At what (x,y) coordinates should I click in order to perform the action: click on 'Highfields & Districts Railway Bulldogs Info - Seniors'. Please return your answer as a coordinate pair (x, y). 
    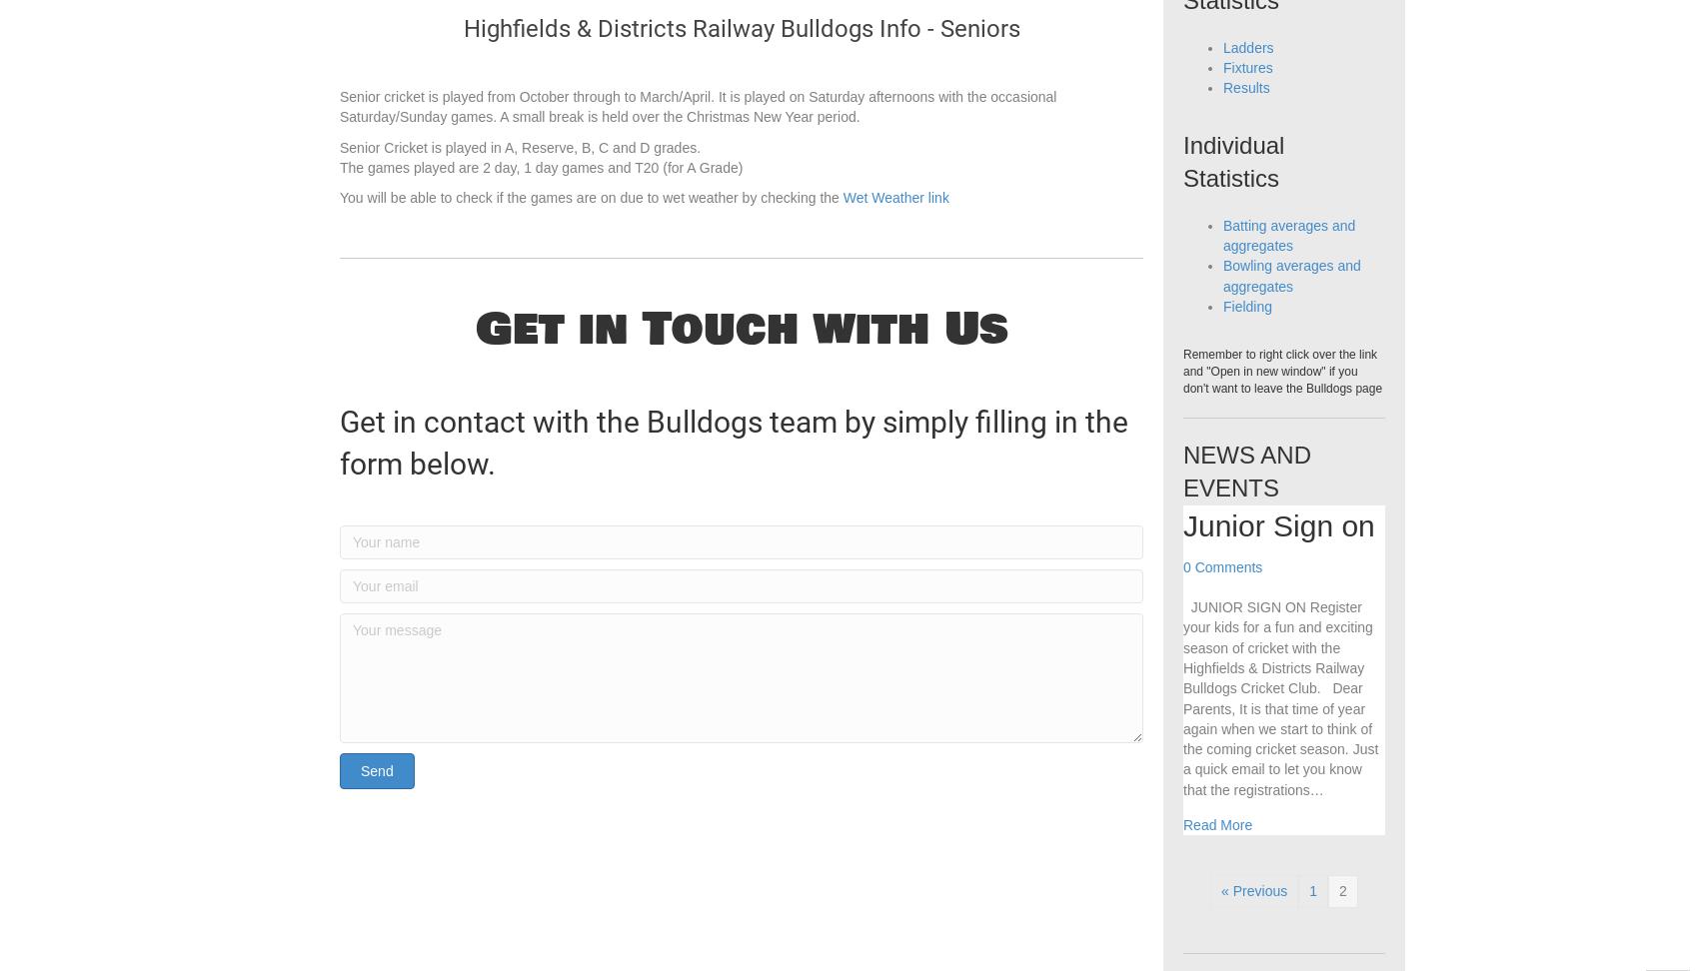
    Looking at the image, I should click on (740, 69).